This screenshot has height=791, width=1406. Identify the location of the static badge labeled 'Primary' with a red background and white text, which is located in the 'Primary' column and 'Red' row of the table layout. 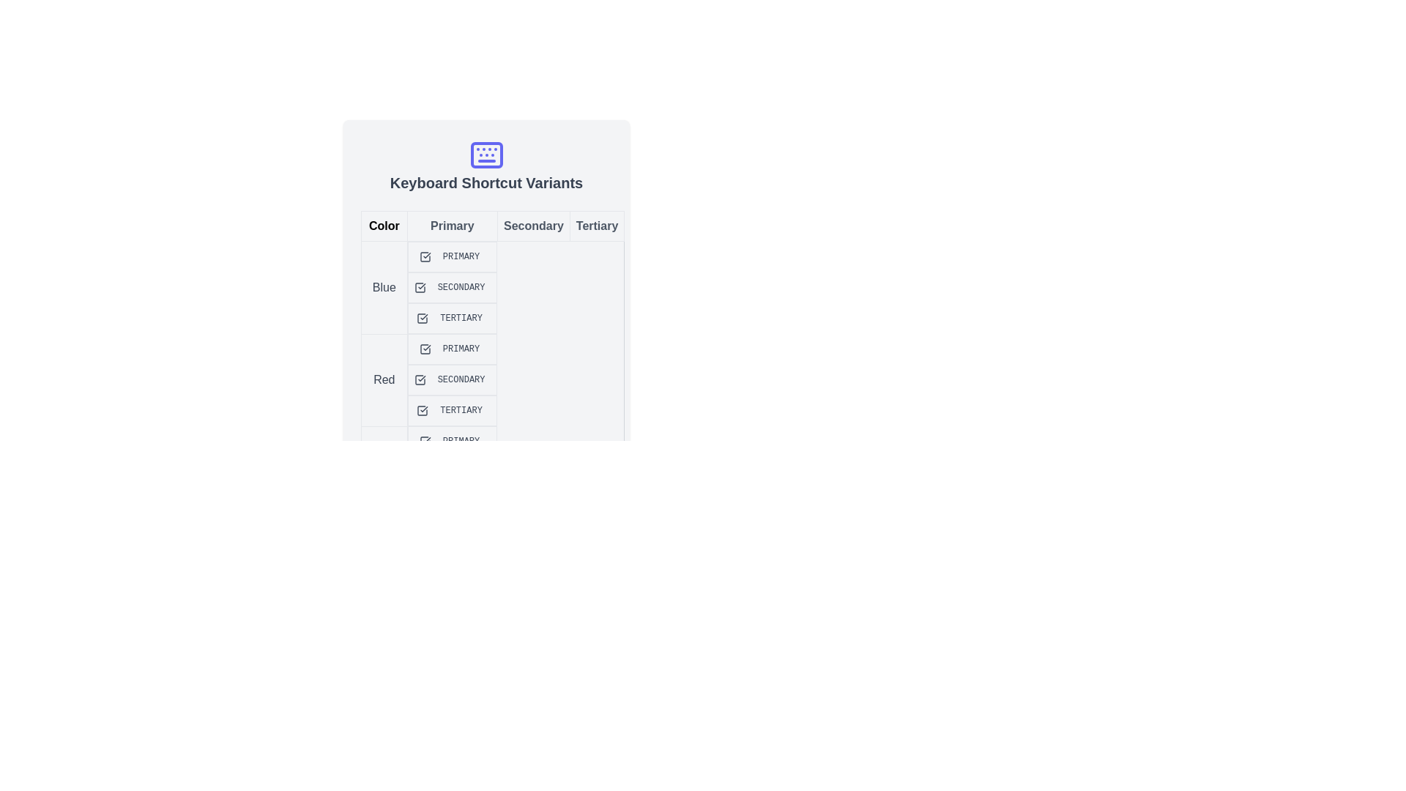
(461, 349).